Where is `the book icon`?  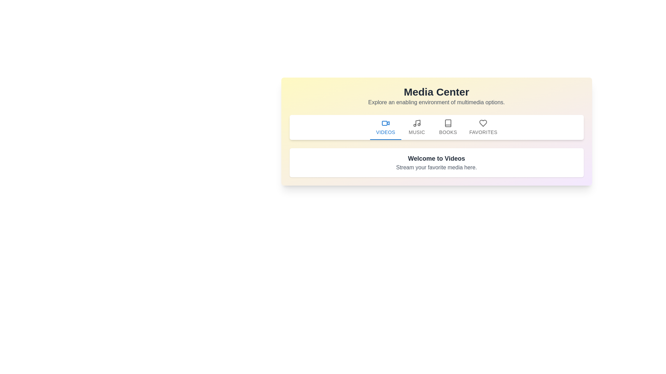 the book icon is located at coordinates (448, 123).